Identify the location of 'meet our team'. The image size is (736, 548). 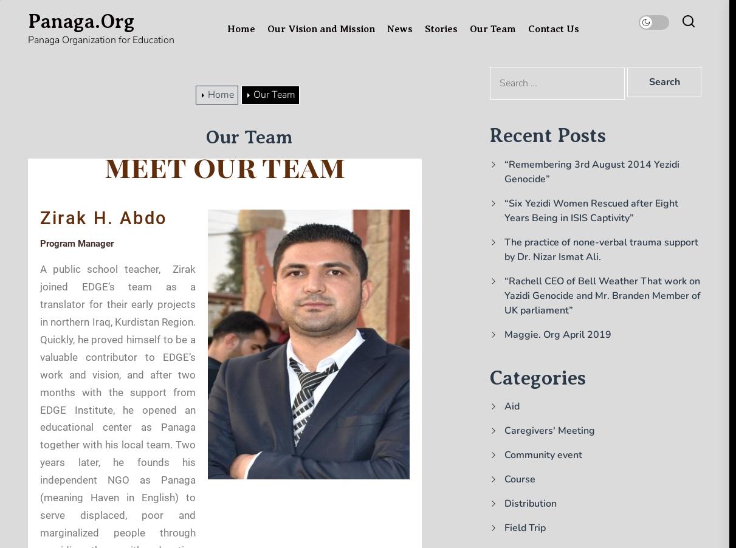
(224, 165).